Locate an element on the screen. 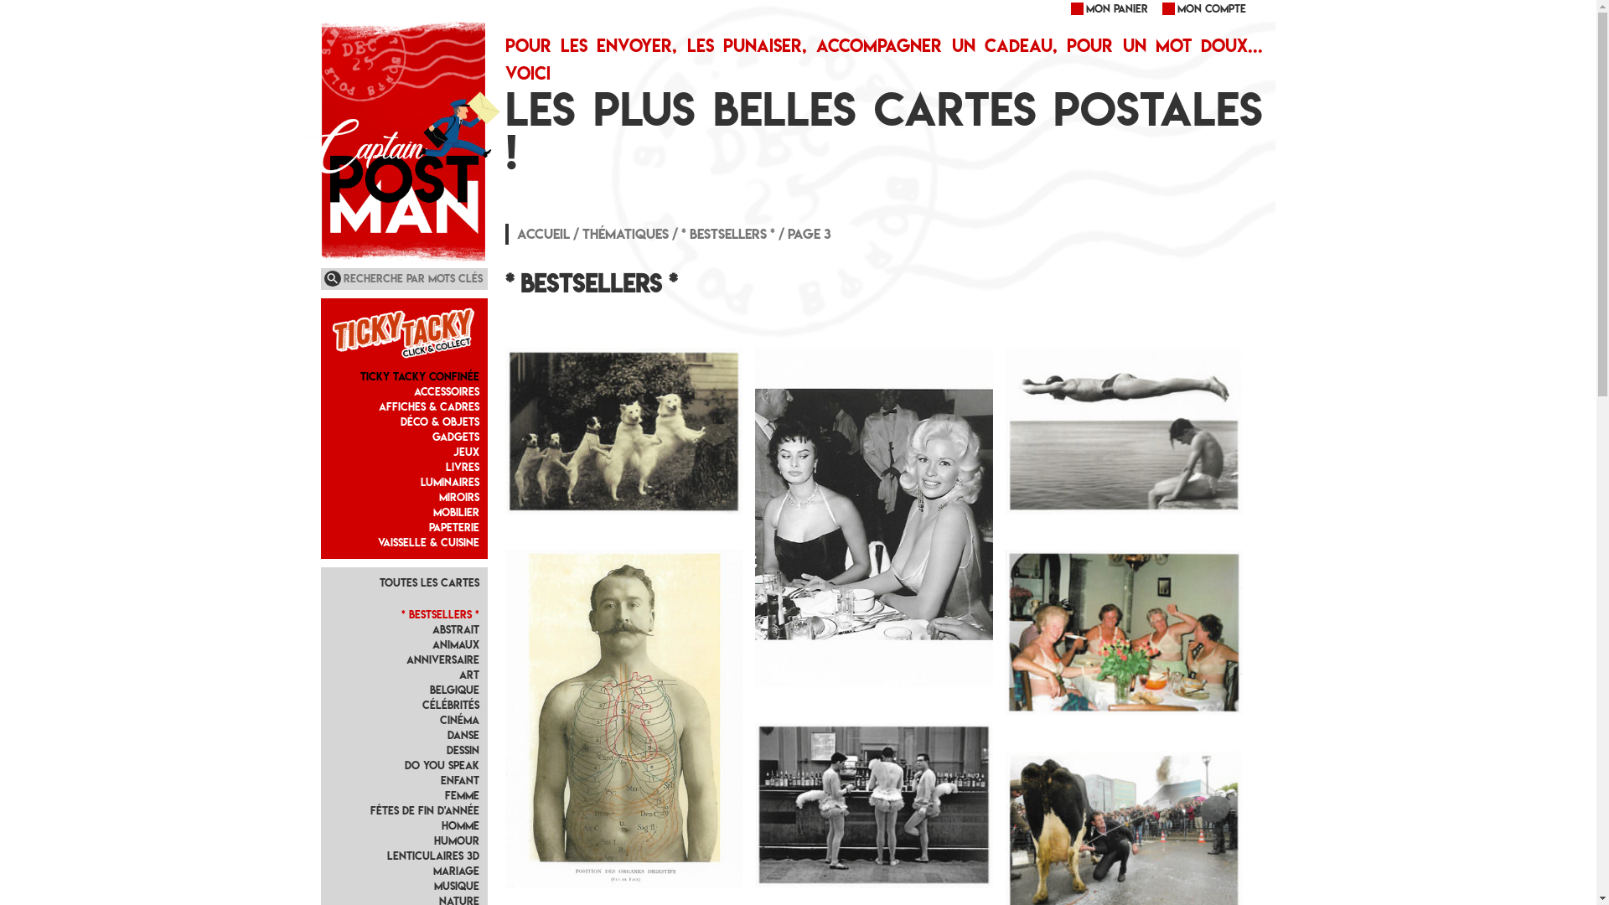 Image resolution: width=1609 pixels, height=905 pixels. '* BESTSELLERS *' is located at coordinates (727, 233).